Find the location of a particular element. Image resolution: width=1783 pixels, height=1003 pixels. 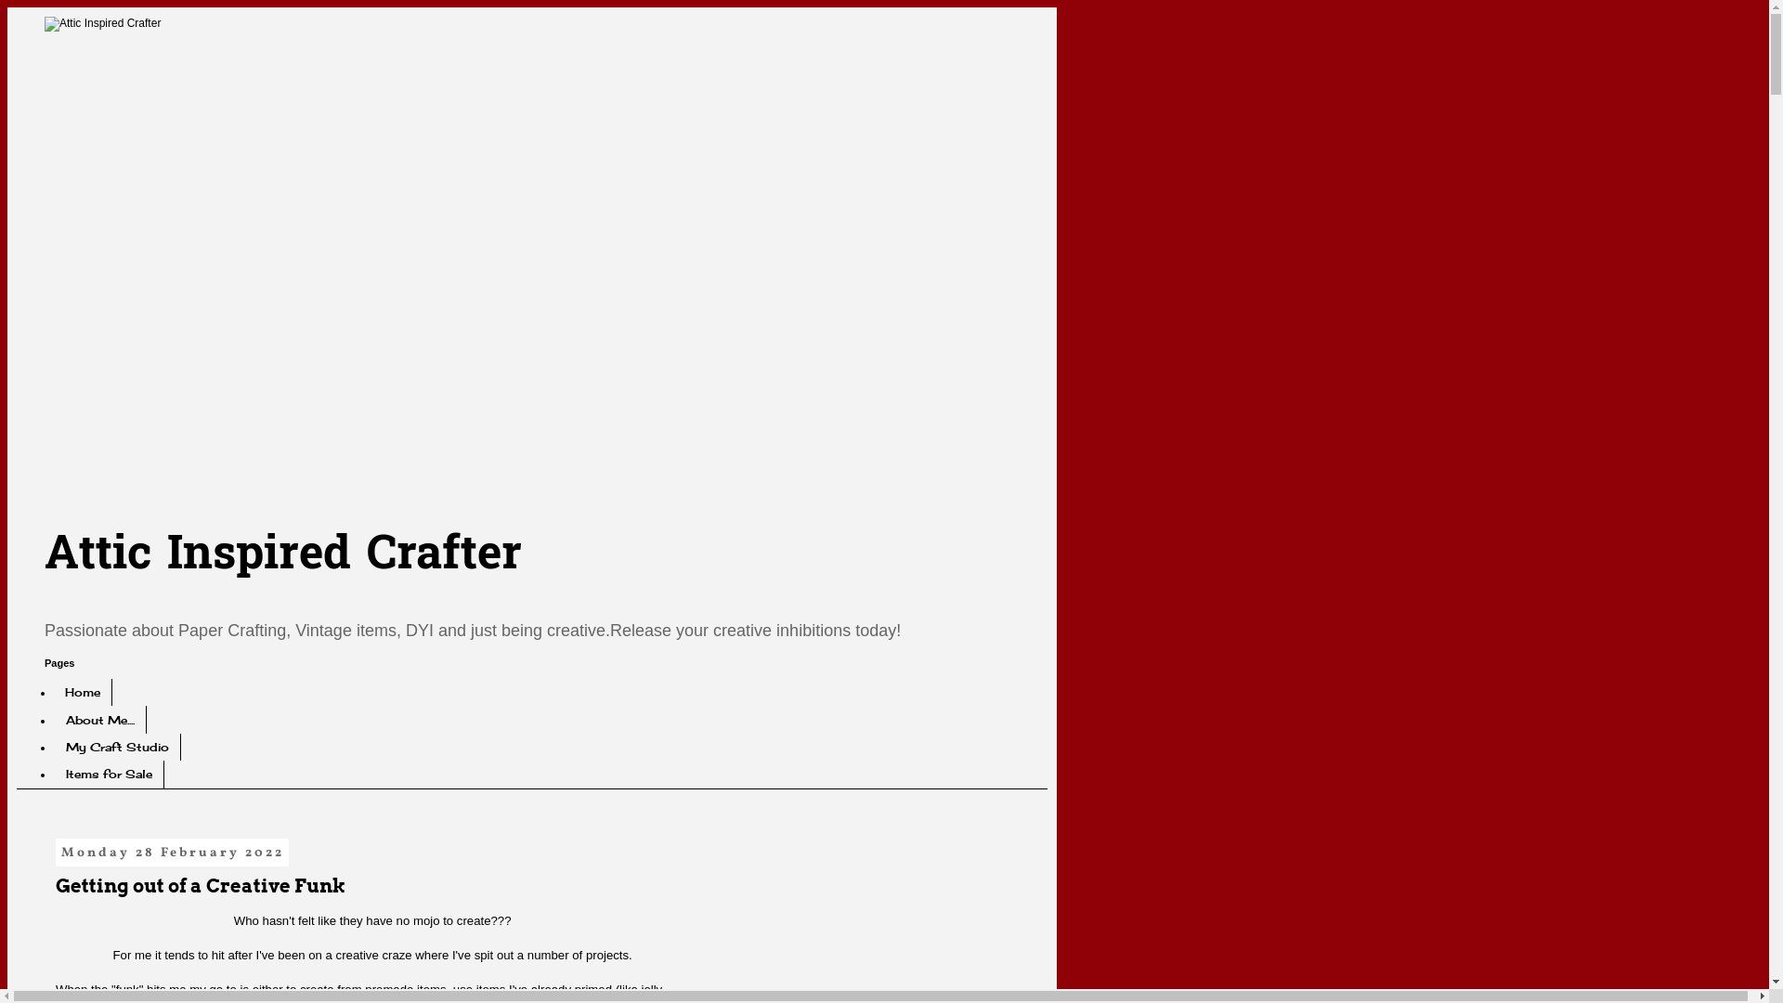

'Items for Sale' is located at coordinates (108, 774).